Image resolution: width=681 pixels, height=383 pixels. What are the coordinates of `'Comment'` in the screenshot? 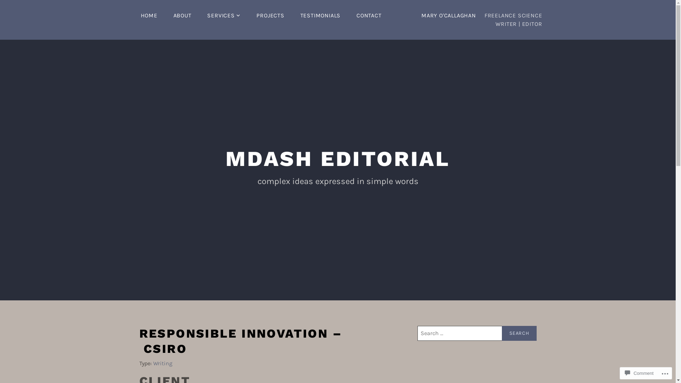 It's located at (639, 373).